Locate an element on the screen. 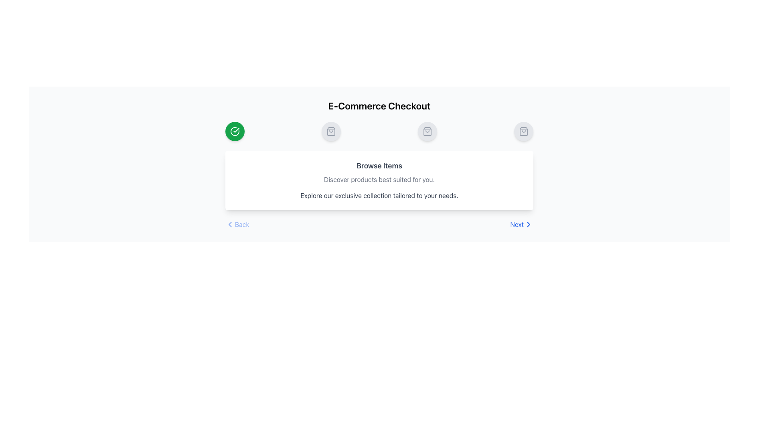 The image size is (770, 433). the shopping bag icon button located in the top-right section of the UI, positioned above the 'Browse Items' text panel, and is the fourth icon from the left is located at coordinates (523, 131).